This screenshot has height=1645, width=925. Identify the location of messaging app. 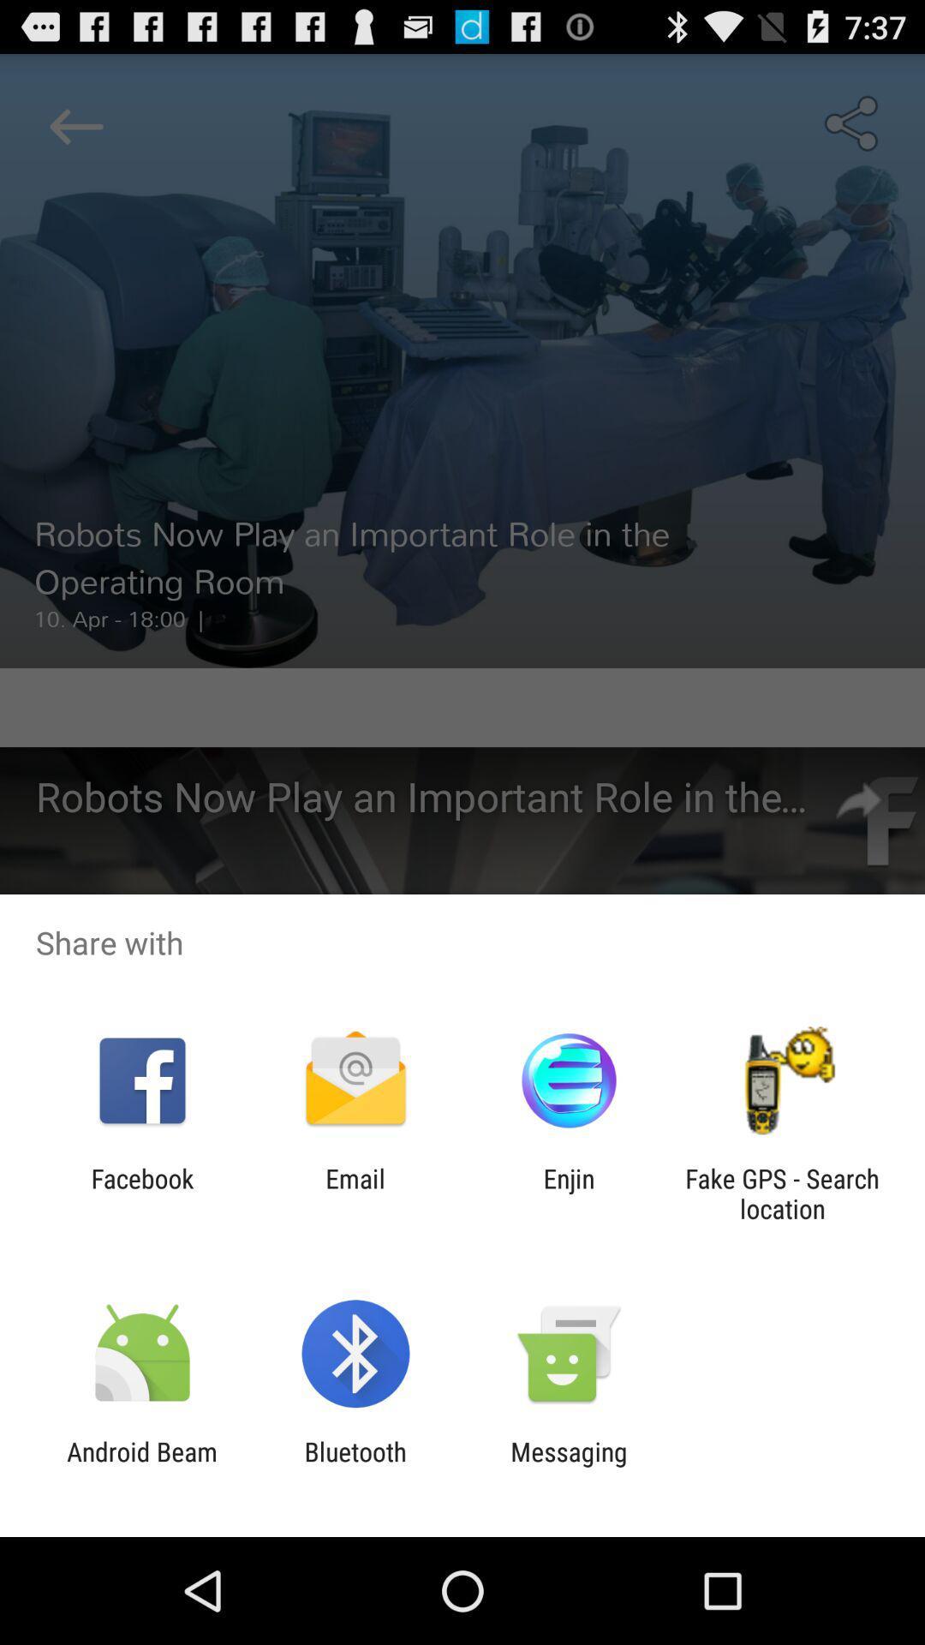
(569, 1466).